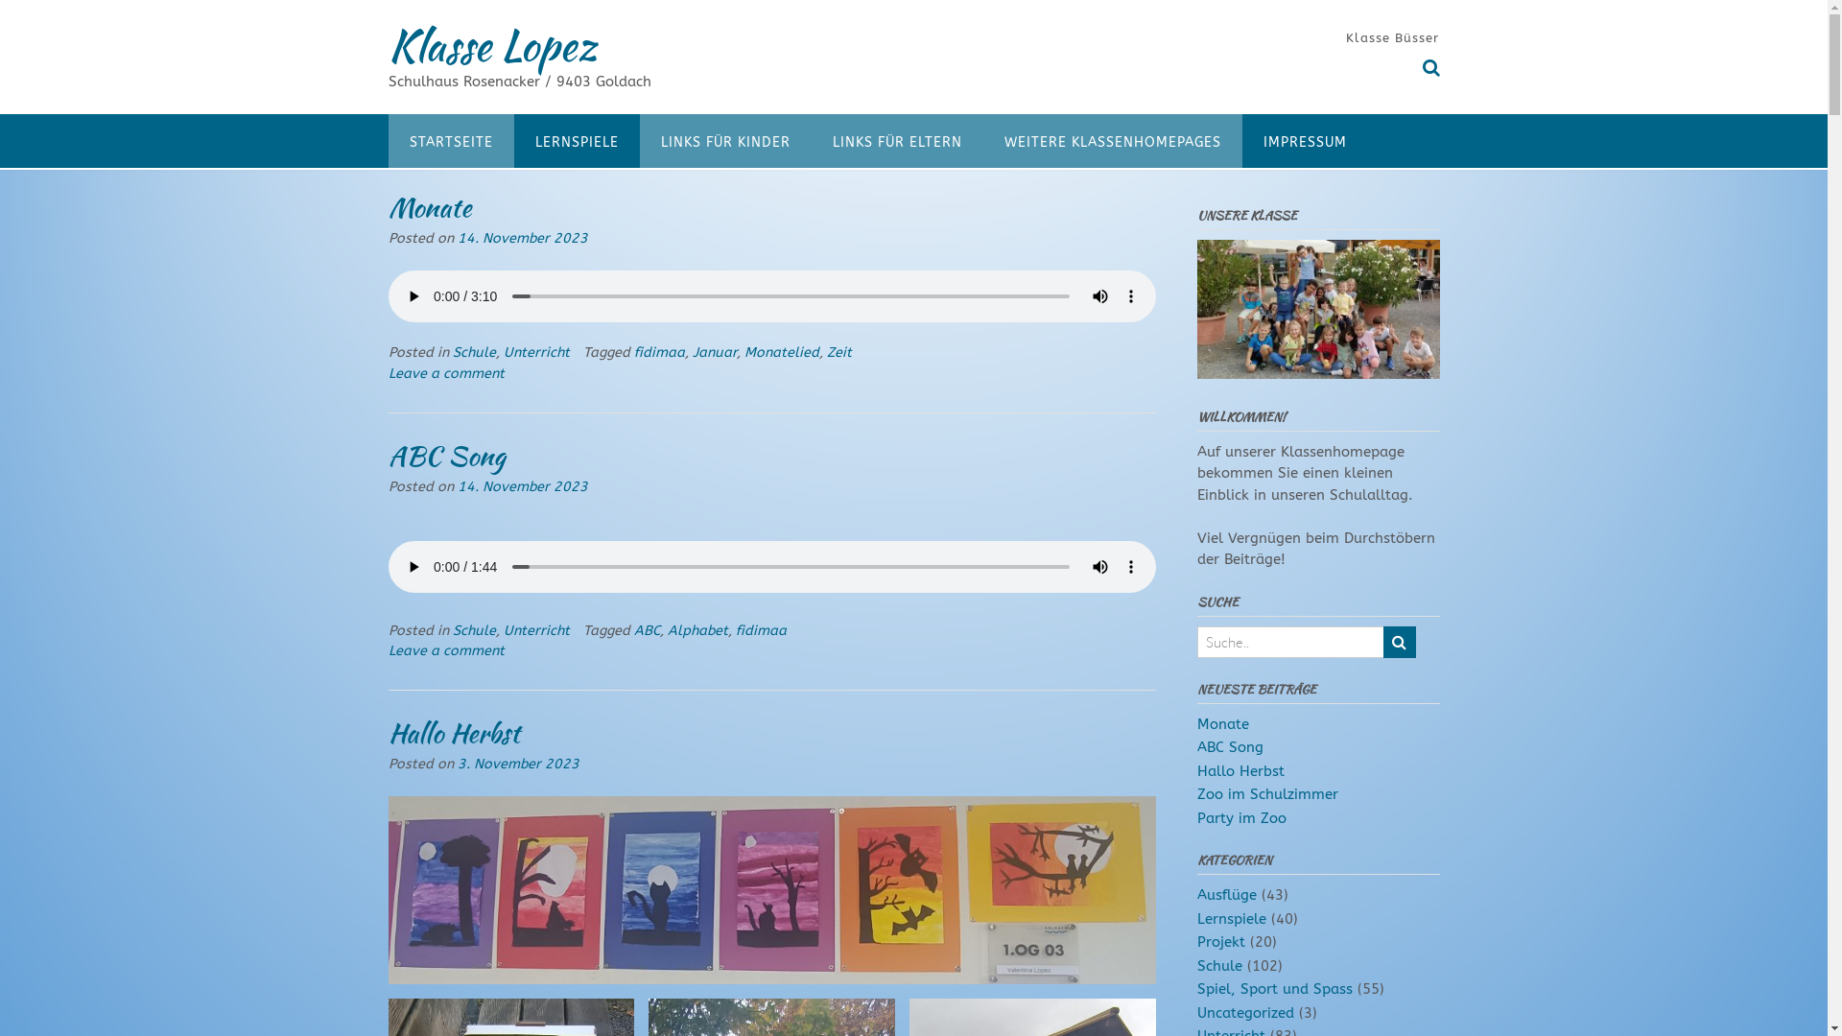  I want to click on 'Monatelied', so click(782, 352).